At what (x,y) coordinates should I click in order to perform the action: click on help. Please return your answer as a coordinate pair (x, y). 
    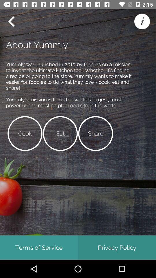
    Looking at the image, I should click on (142, 21).